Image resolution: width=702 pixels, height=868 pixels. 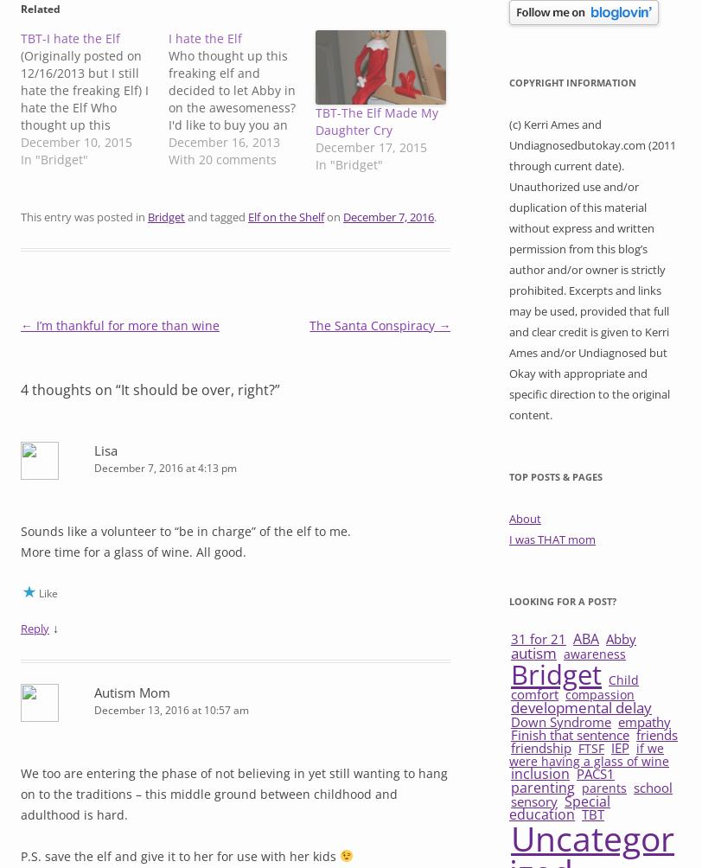 I want to click on 'We too are entering the phase of not believing in yet still wanting to hang on to the traditions – this middle ground between childhood and adulthood is hard.', so click(x=21, y=792).